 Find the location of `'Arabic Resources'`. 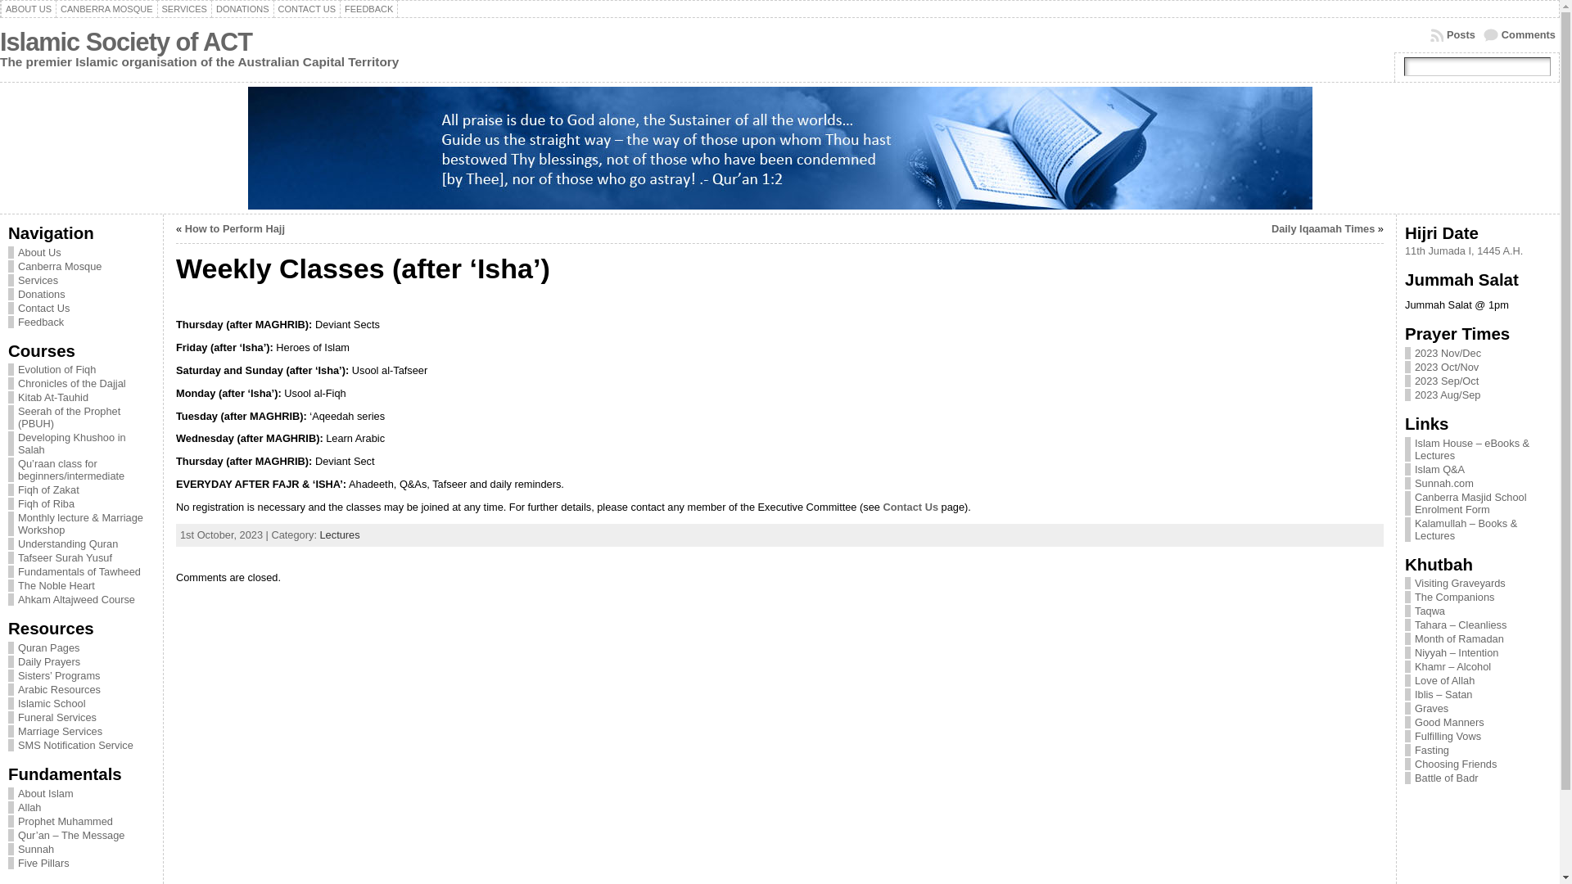

'Arabic Resources' is located at coordinates (7, 689).